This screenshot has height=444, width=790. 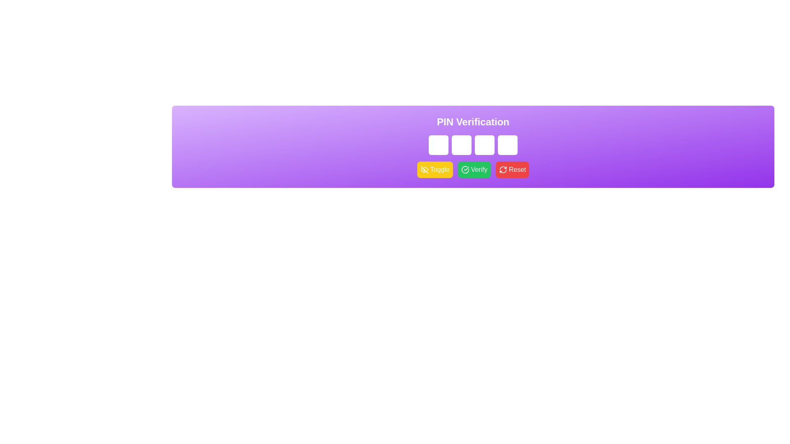 I want to click on the green 'Verify' button with white text and a checkmark icon, which is the second button in a horizontal group of three buttons below the PIN input field, so click(x=474, y=169).